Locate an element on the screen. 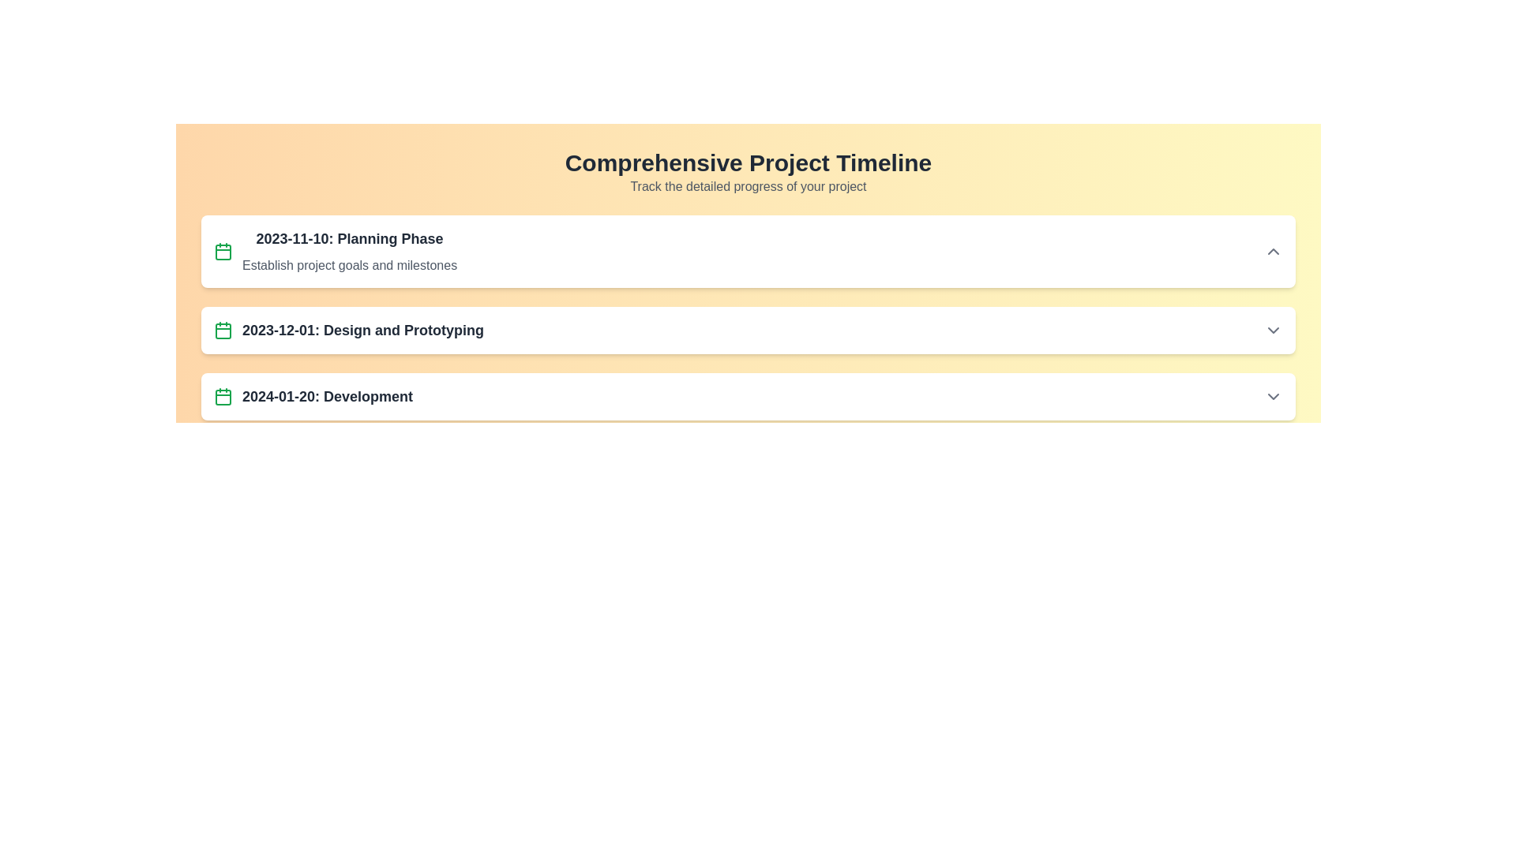  the Event summary item displaying the date '2023-11-10', title 'Planning Phase', and subtitle 'Establish project goals and milestones' is located at coordinates (335, 251).